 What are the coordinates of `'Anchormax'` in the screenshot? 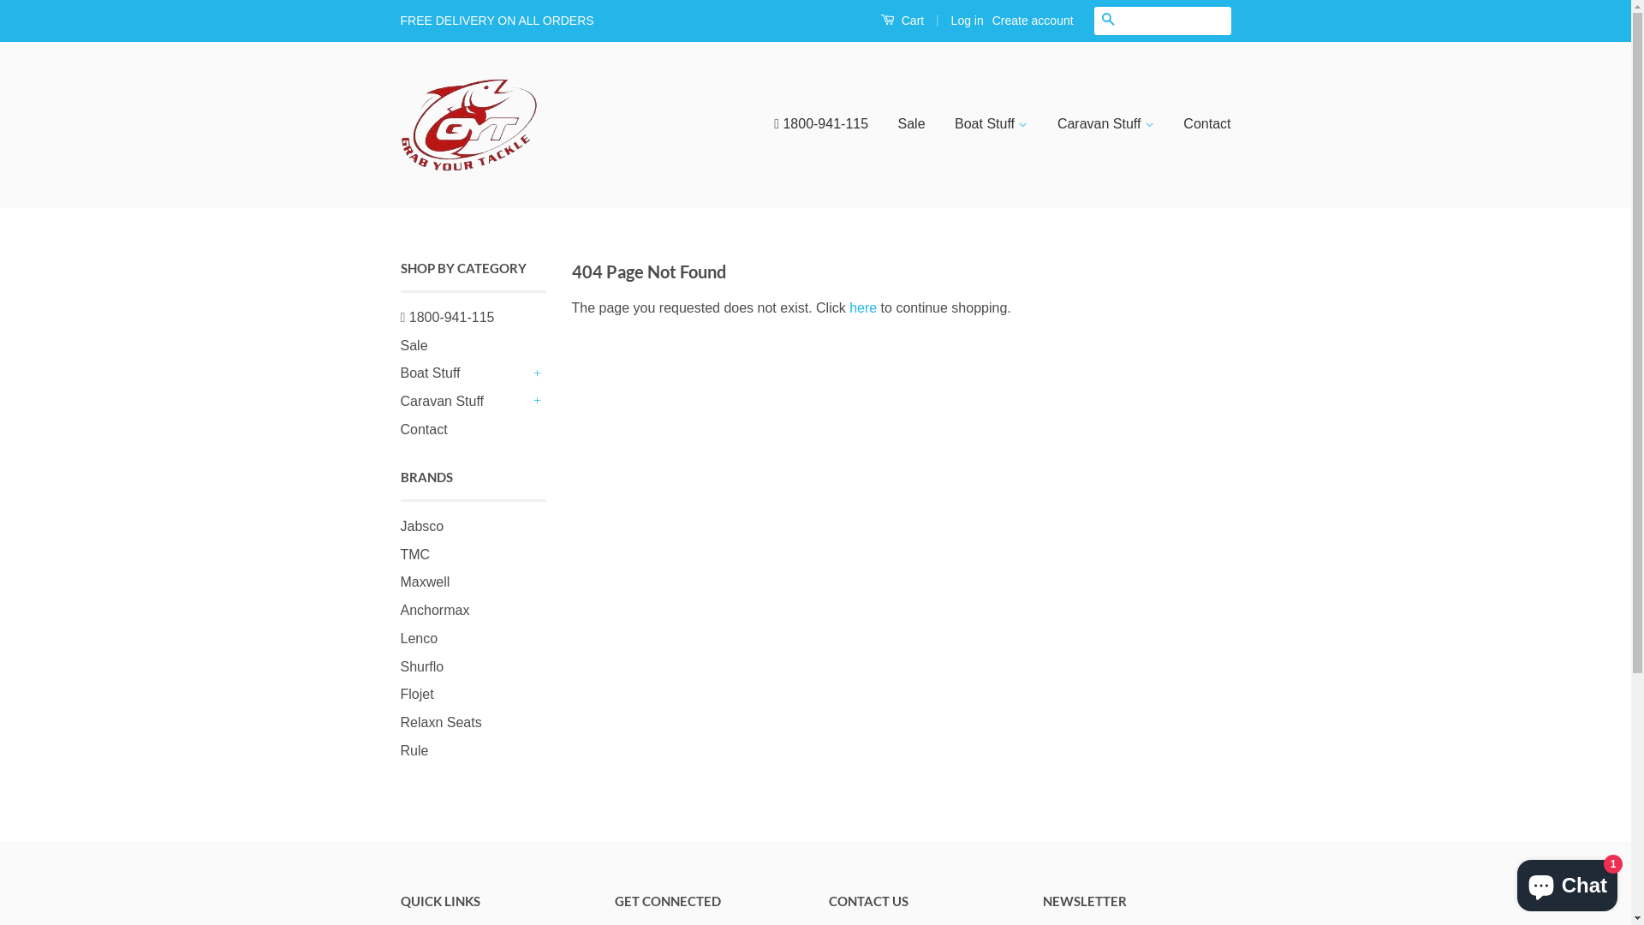 It's located at (435, 609).